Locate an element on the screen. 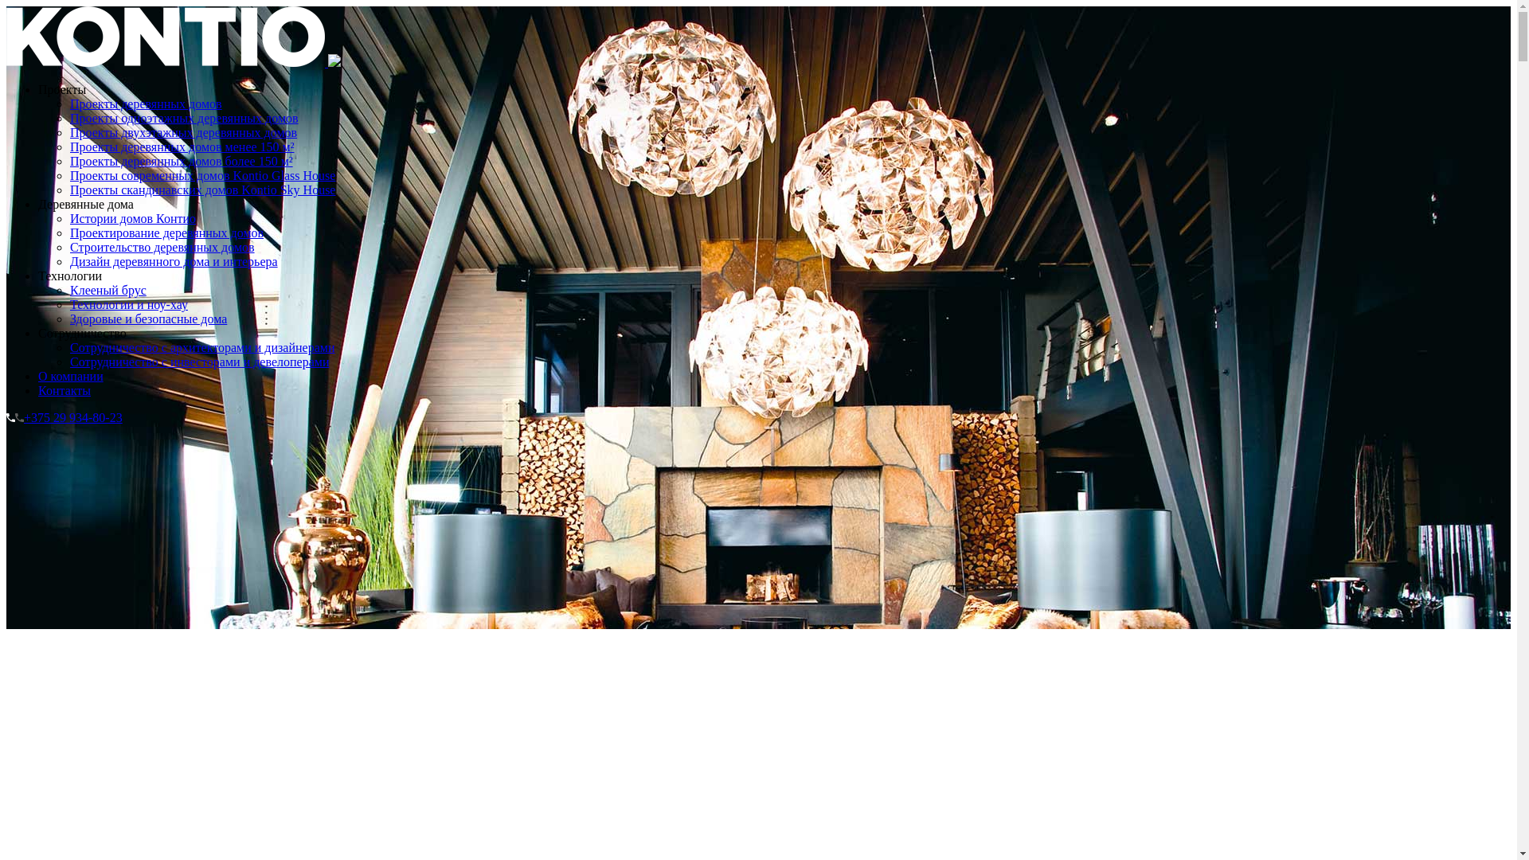 The height and width of the screenshot is (860, 1529). '+375 29 934-80-23' is located at coordinates (6, 416).